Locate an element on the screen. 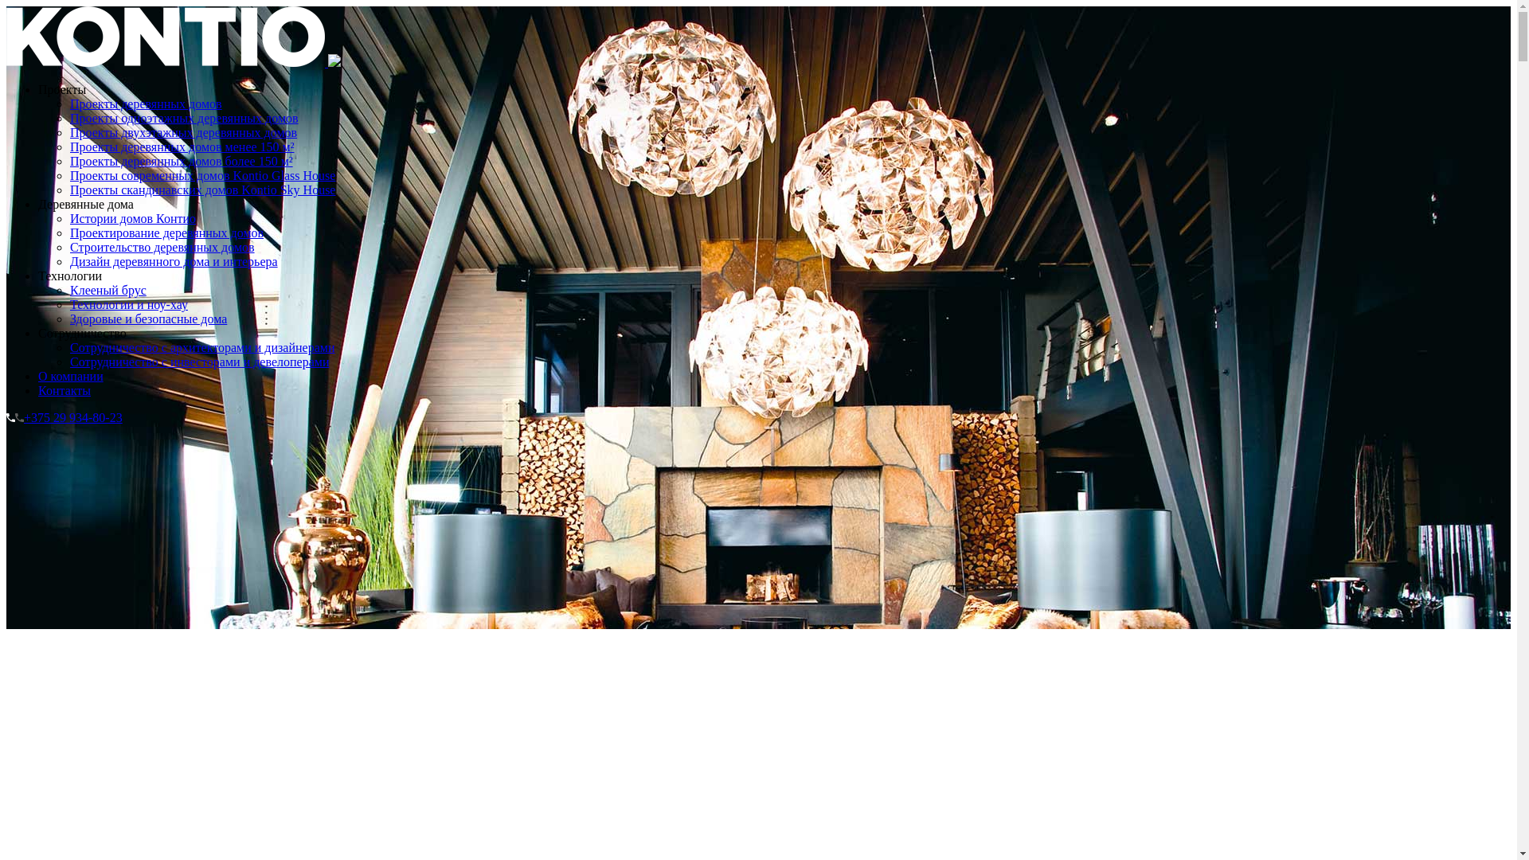 The height and width of the screenshot is (860, 1529). '+375 29 934-80-23' is located at coordinates (6, 416).